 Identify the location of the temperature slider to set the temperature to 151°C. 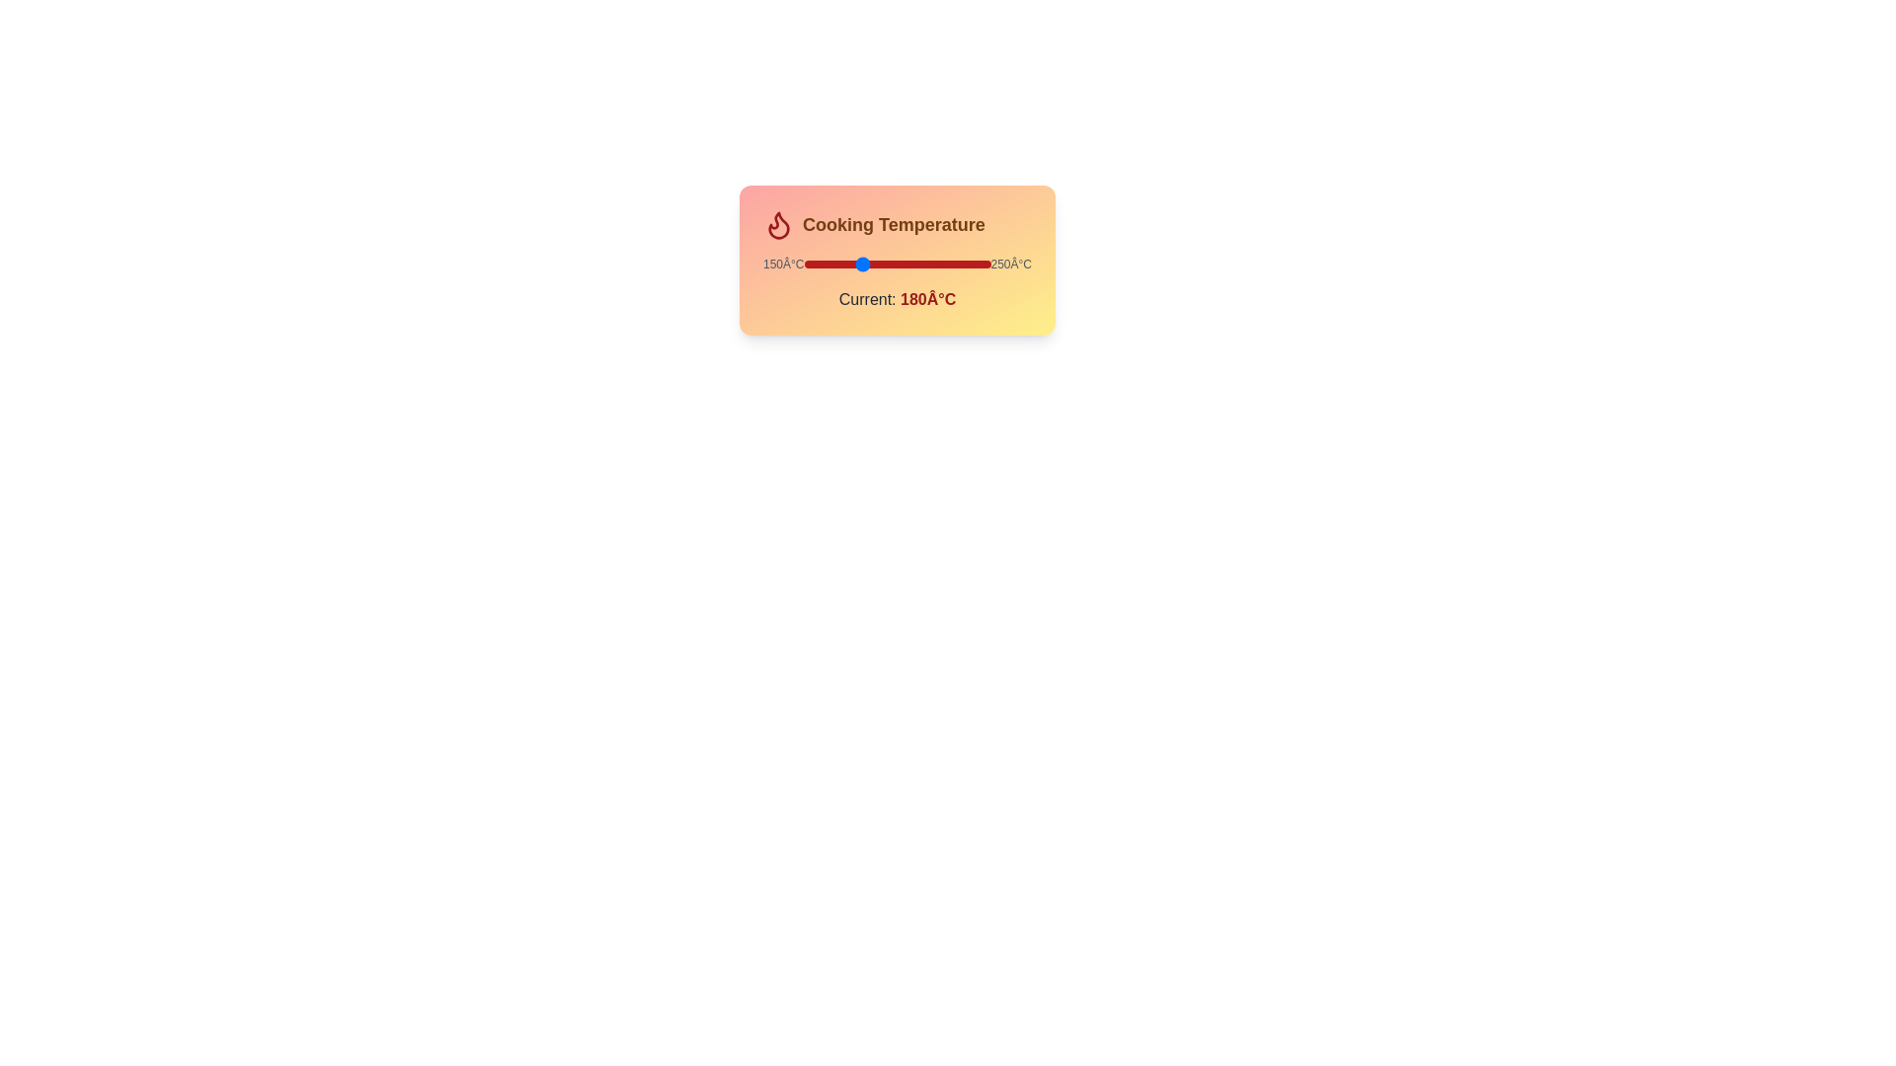
(806, 263).